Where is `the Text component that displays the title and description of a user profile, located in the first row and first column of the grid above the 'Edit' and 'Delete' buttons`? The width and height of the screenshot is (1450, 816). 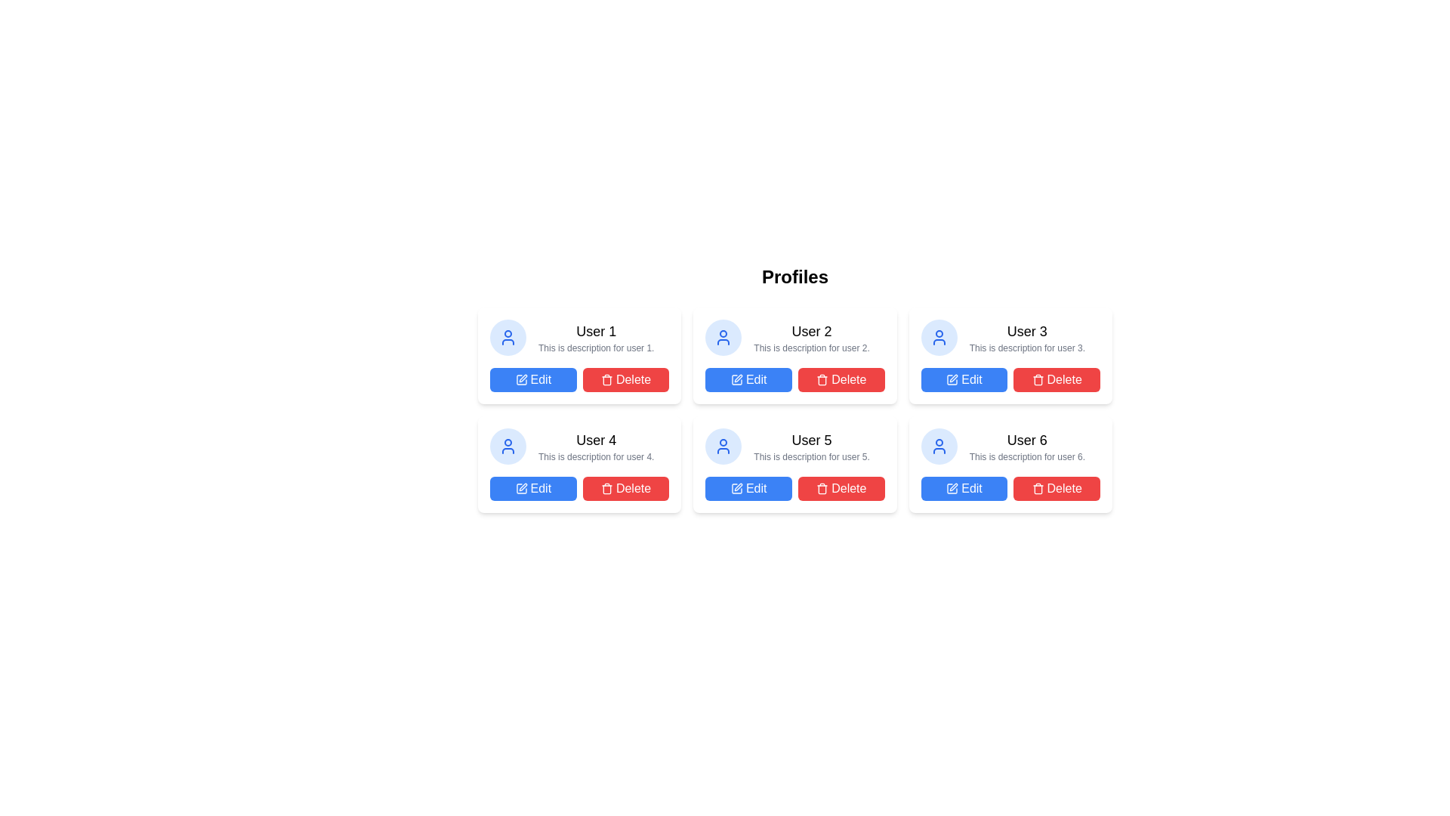
the Text component that displays the title and description of a user profile, located in the first row and first column of the grid above the 'Edit' and 'Delete' buttons is located at coordinates (578, 337).